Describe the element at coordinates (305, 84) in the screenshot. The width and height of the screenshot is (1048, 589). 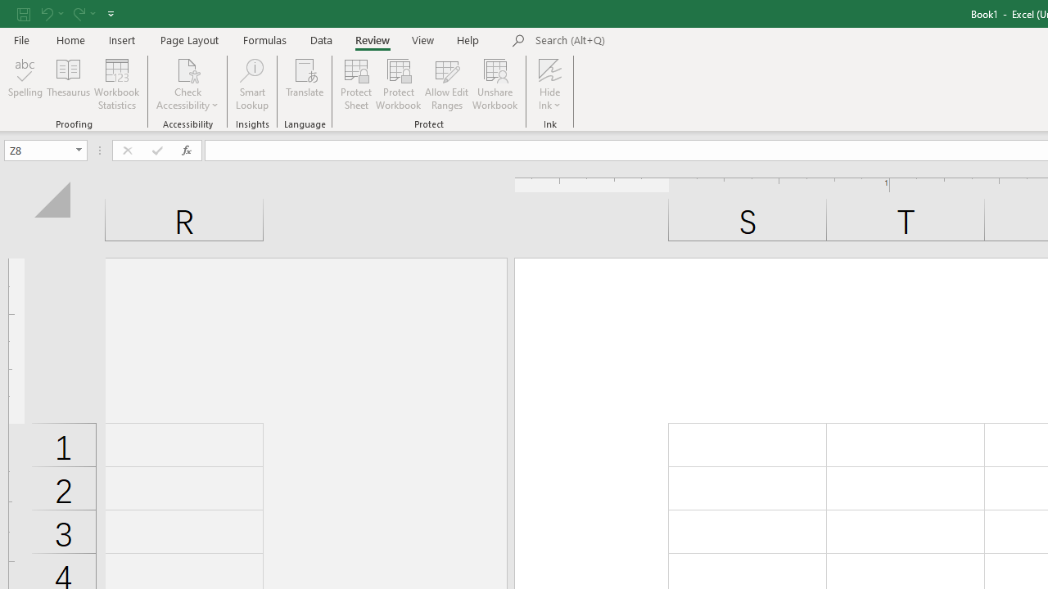
I see `'Translate'` at that location.